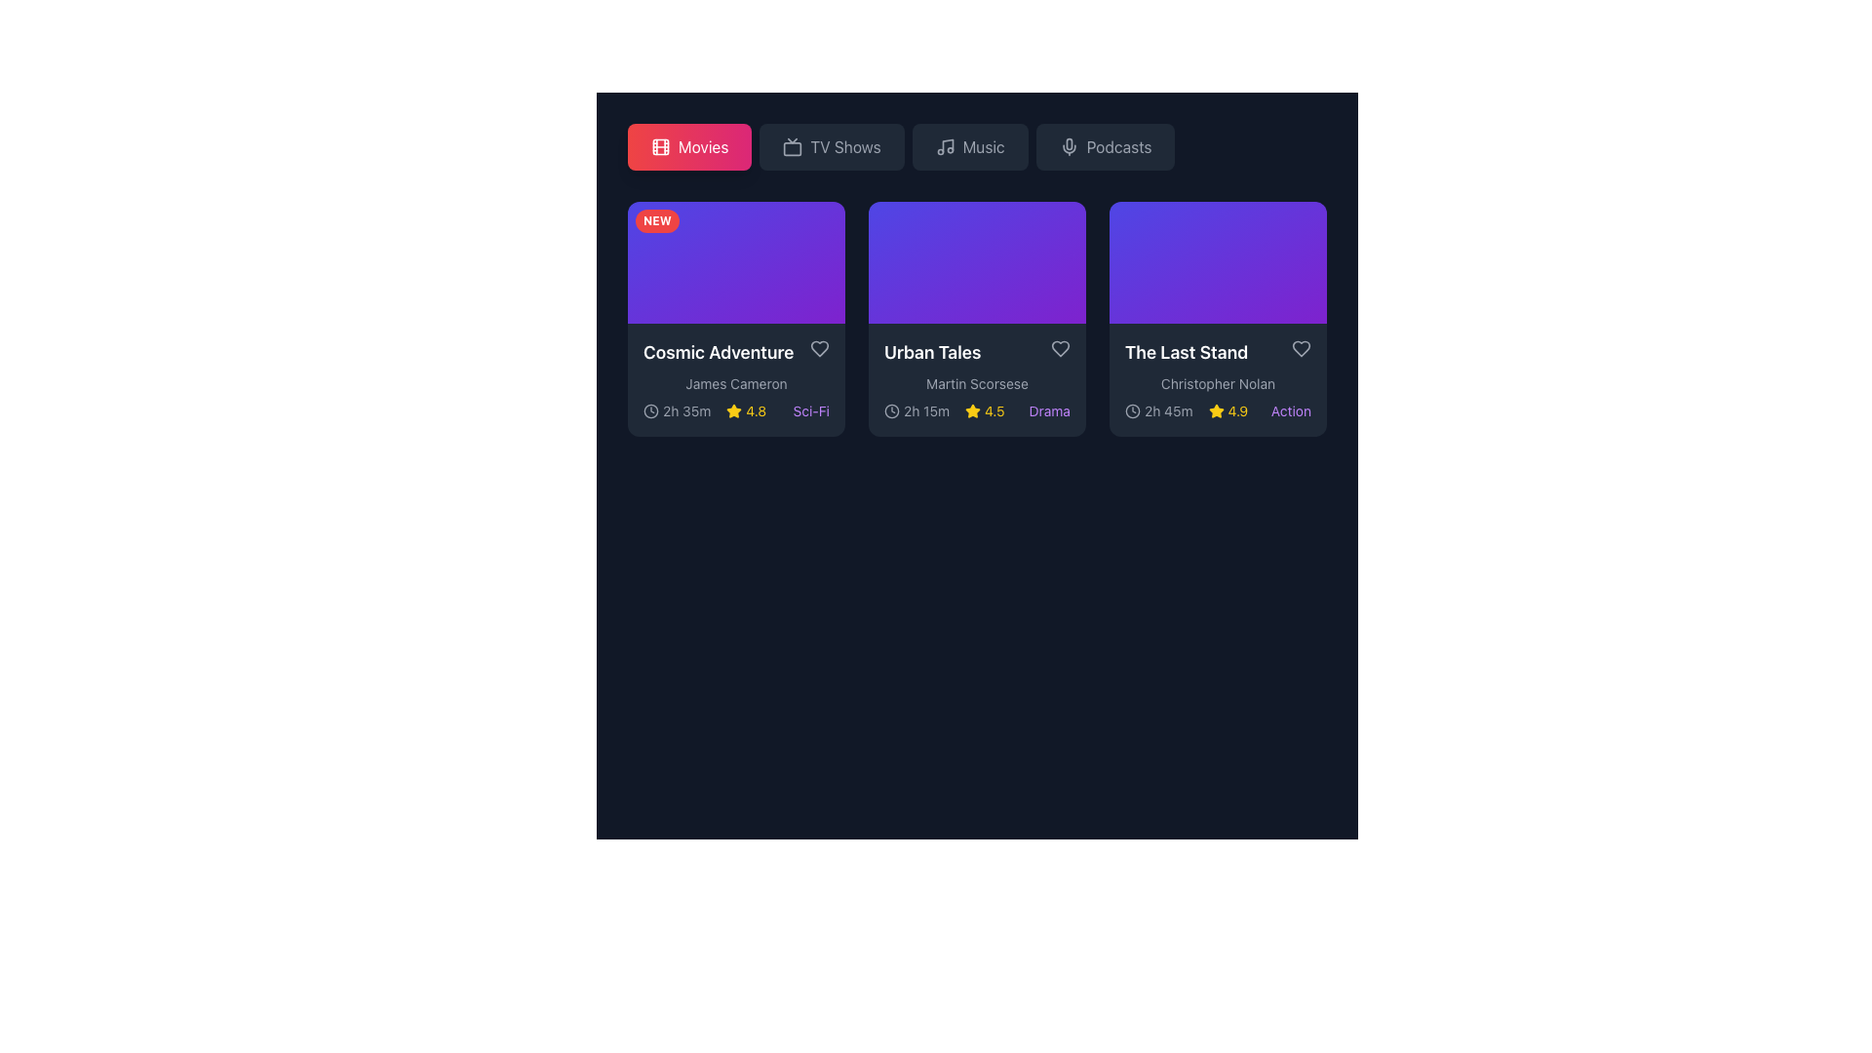 Image resolution: width=1872 pixels, height=1053 pixels. What do you see at coordinates (689, 145) in the screenshot?
I see `the 'Movies' navigation button located at the top-left corner of the content area` at bounding box center [689, 145].